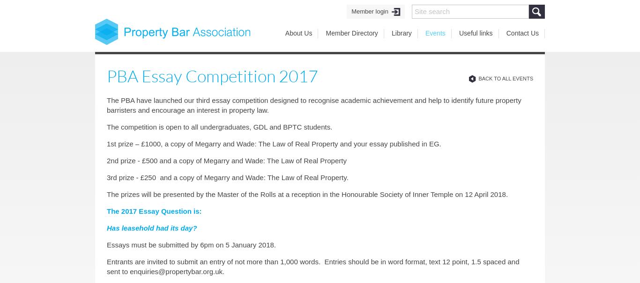 The image size is (640, 283). Describe the element at coordinates (284, 33) in the screenshot. I see `'About Us'` at that location.